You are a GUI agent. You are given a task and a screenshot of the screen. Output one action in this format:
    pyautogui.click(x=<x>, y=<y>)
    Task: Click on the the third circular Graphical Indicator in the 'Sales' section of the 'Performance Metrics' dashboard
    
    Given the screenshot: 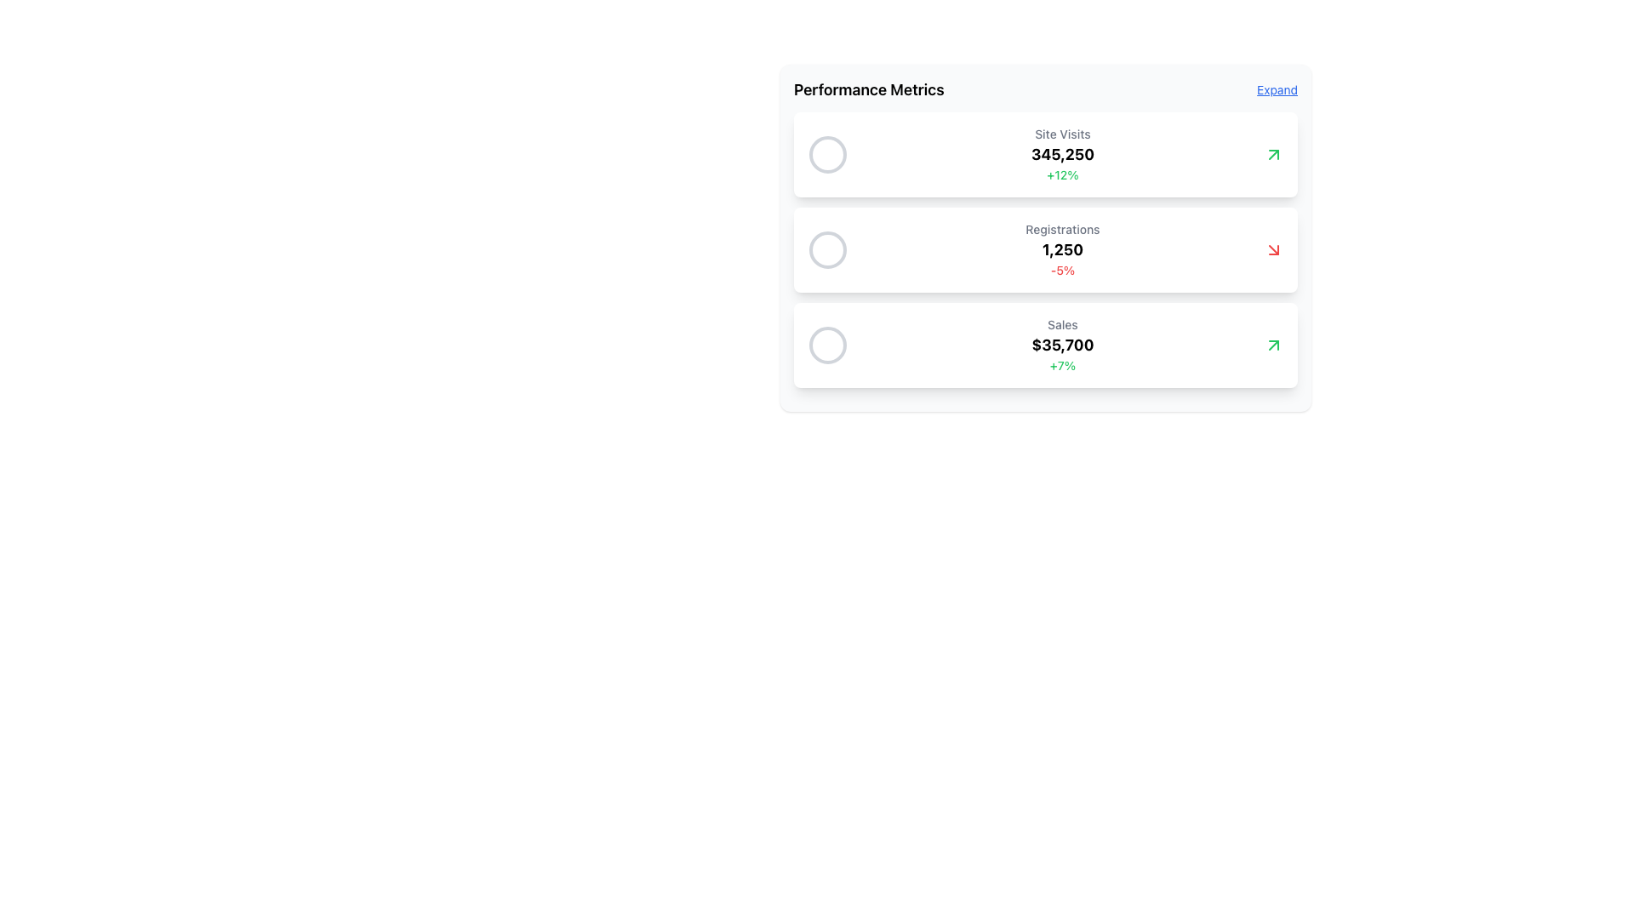 What is the action you would take?
    pyautogui.click(x=828, y=345)
    